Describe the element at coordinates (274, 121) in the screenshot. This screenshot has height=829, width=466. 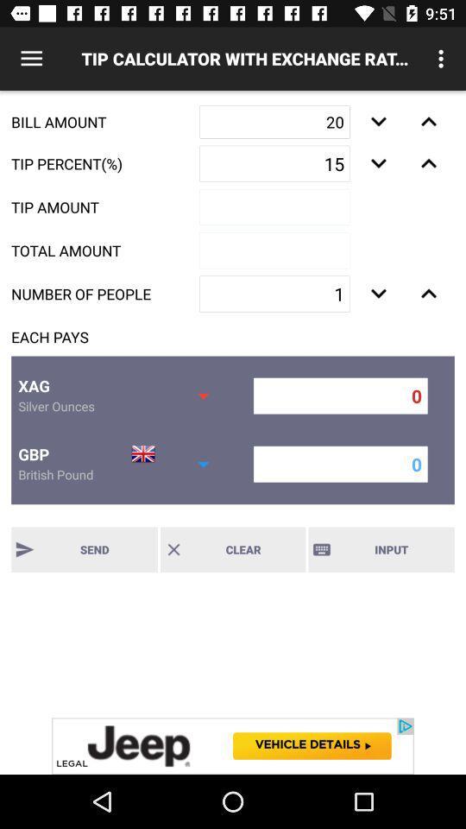
I see `text box mark 20 beside bill amount` at that location.